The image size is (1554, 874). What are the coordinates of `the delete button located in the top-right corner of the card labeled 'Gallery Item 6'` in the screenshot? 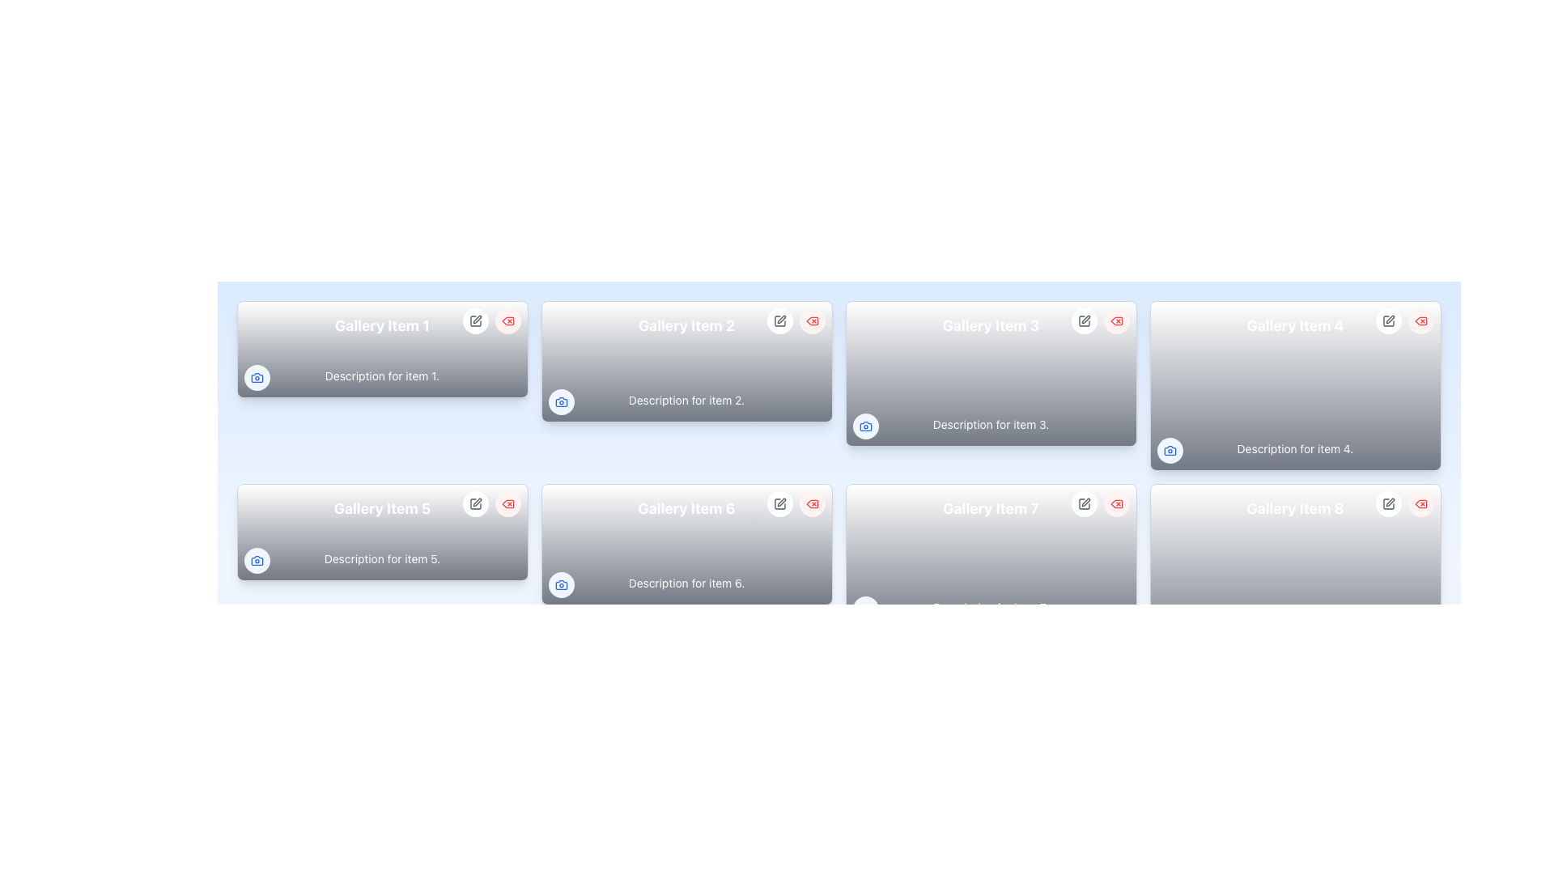 It's located at (812, 503).